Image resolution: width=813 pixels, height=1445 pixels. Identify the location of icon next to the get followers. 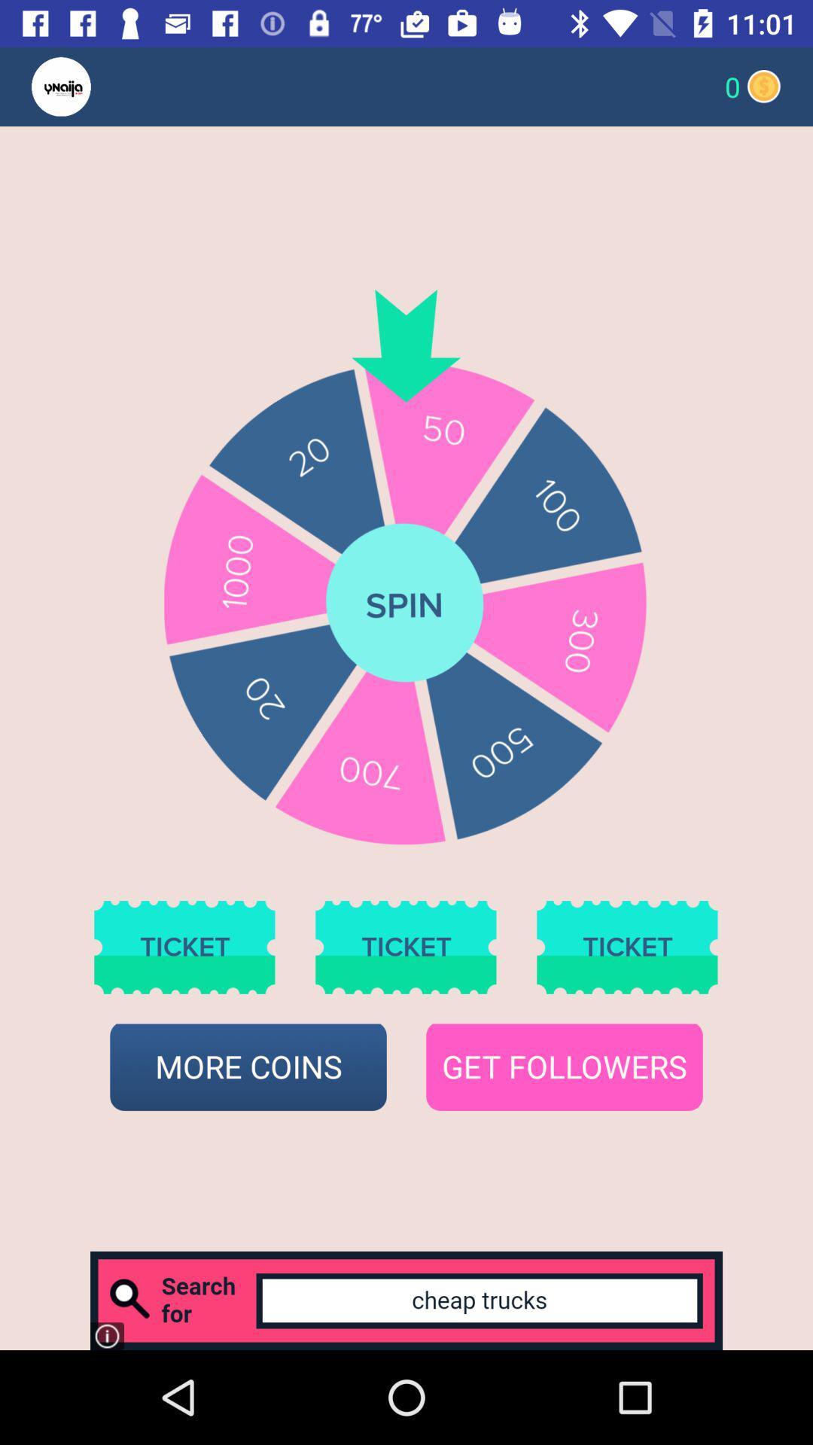
(248, 1066).